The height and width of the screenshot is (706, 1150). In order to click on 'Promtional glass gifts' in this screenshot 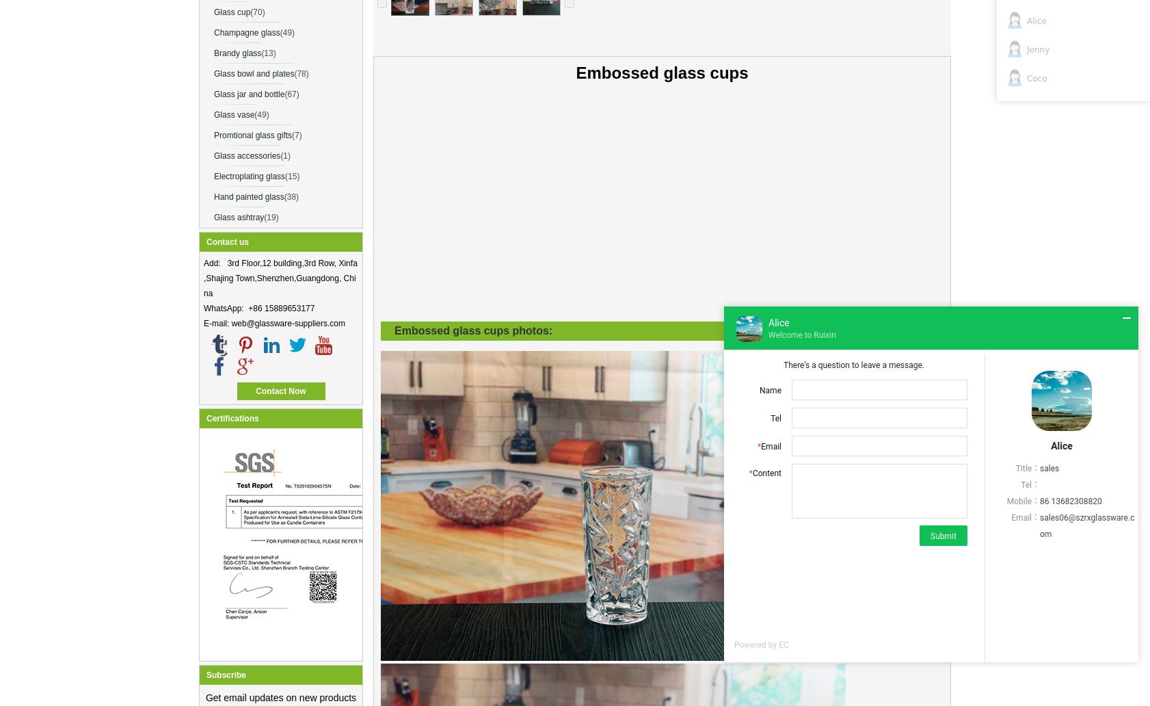, I will do `click(252, 135)`.